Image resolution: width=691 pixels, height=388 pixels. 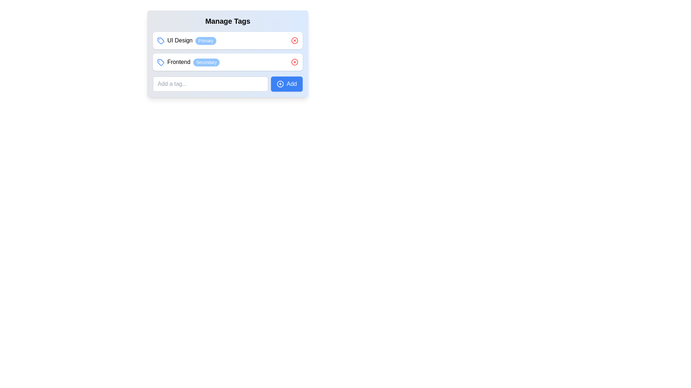 What do you see at coordinates (295, 40) in the screenshot?
I see `the circular icon button located to the right of the text 'Primary'` at bounding box center [295, 40].